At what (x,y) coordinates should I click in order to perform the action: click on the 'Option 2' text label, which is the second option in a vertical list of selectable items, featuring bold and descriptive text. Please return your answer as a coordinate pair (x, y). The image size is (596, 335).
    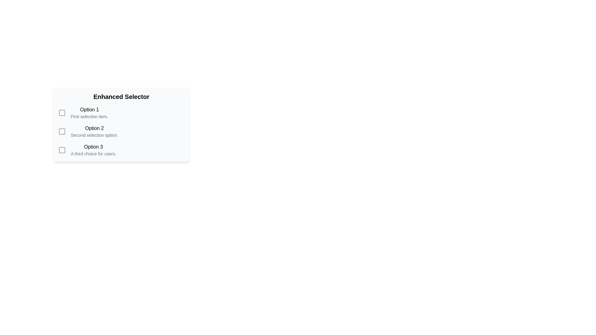
    Looking at the image, I should click on (94, 131).